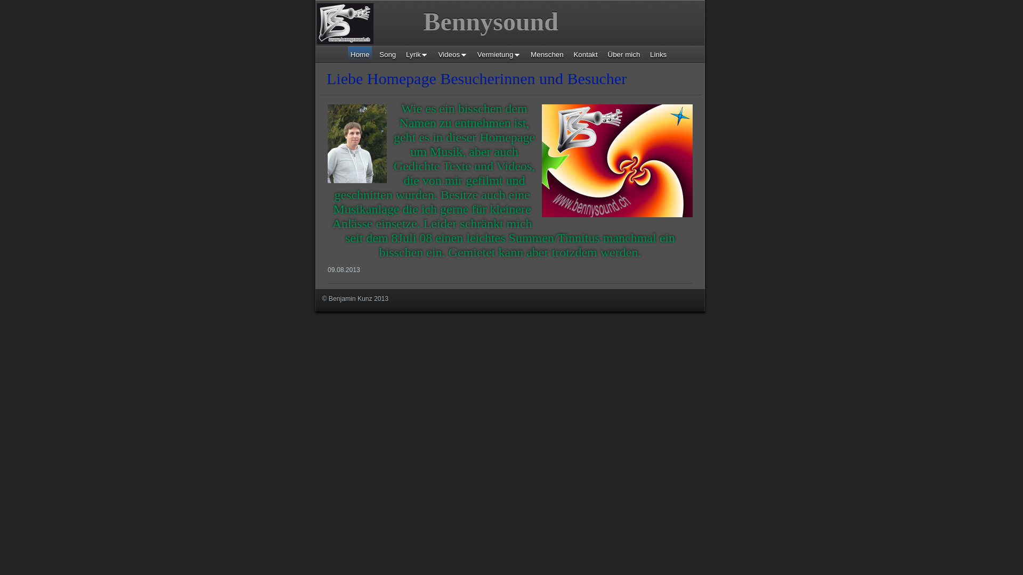 The height and width of the screenshot is (575, 1023). I want to click on 'Lyrik', so click(416, 54).